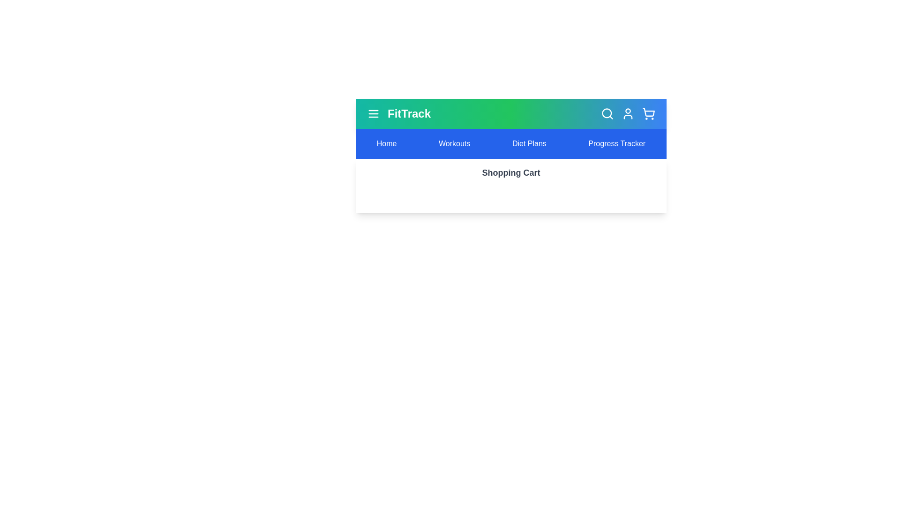  I want to click on the title text 'FitTrack' to interact with it, so click(409, 113).